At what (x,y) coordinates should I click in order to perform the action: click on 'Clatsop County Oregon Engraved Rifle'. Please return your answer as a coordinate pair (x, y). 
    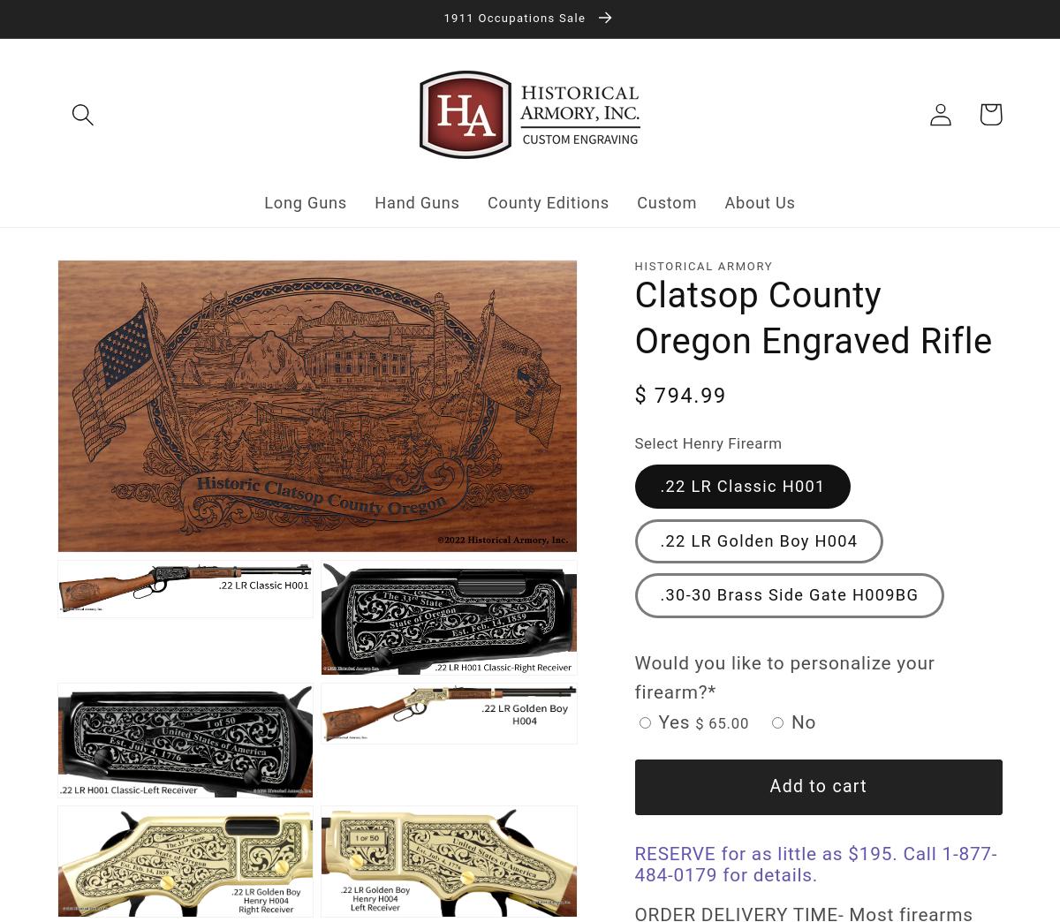
    Looking at the image, I should click on (633, 317).